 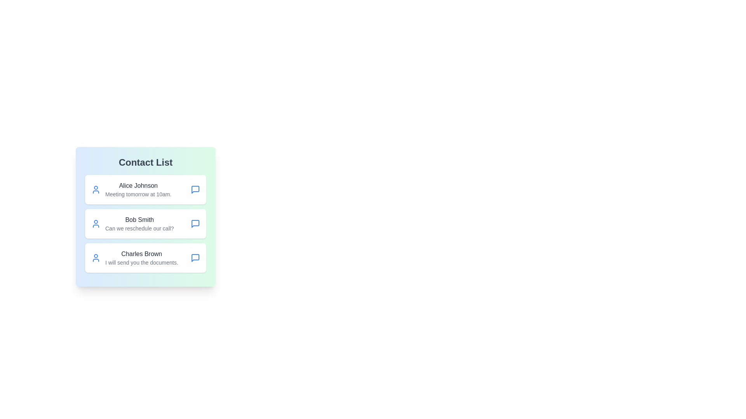 What do you see at coordinates (195, 258) in the screenshot?
I see `the chat icon associated with Charles Brown to initiate a conversation` at bounding box center [195, 258].